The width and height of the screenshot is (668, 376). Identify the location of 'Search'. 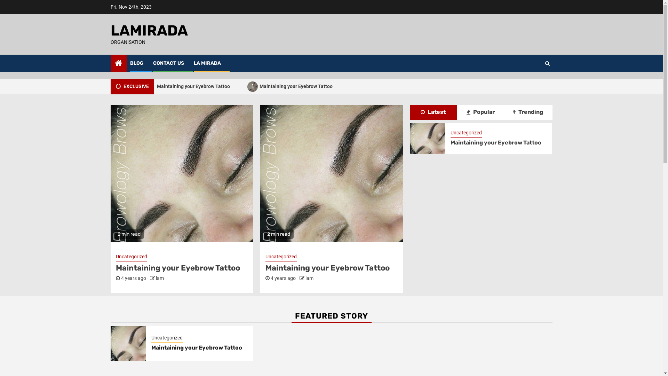
(533, 84).